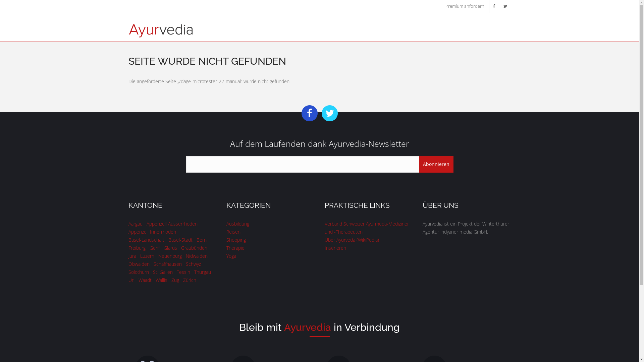  What do you see at coordinates (180, 239) in the screenshot?
I see `'Basel-Stadt'` at bounding box center [180, 239].